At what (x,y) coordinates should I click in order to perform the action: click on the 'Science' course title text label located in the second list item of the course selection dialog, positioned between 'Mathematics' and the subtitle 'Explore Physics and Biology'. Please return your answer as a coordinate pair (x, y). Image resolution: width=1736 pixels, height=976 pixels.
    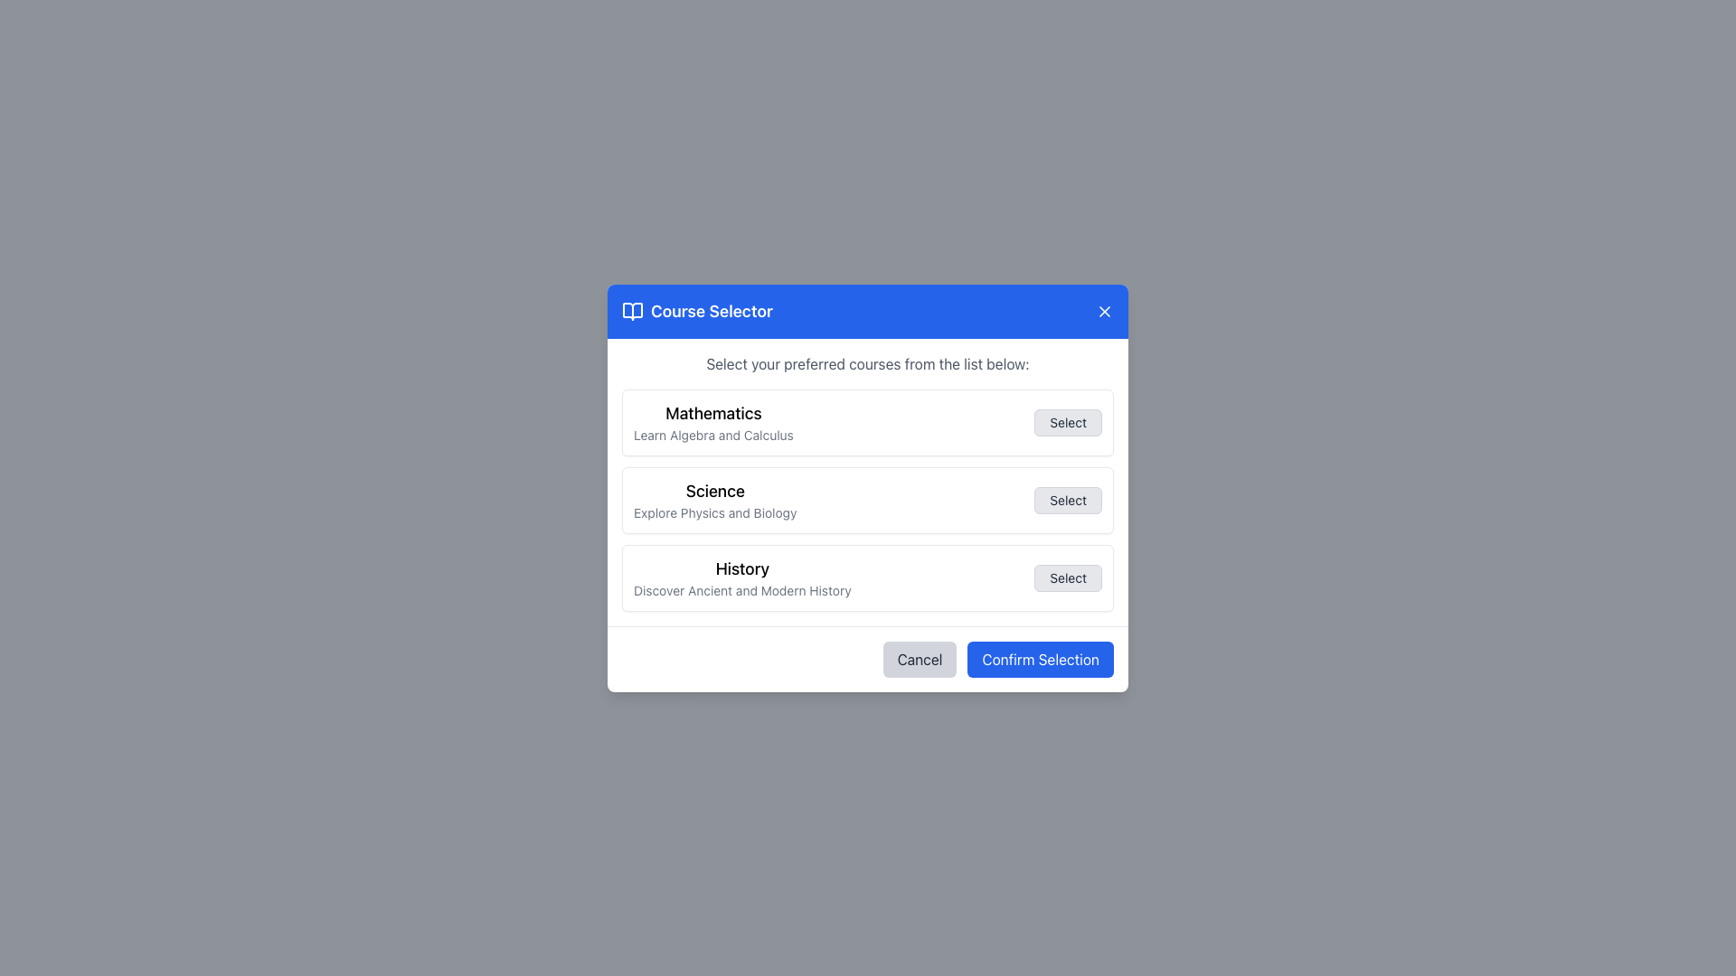
    Looking at the image, I should click on (714, 491).